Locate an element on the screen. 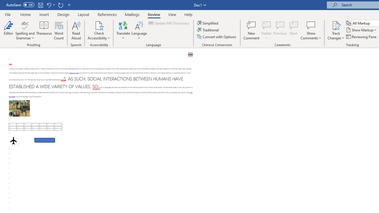 Image resolution: width=379 pixels, height=213 pixels. 'Delete' is located at coordinates (266, 25).